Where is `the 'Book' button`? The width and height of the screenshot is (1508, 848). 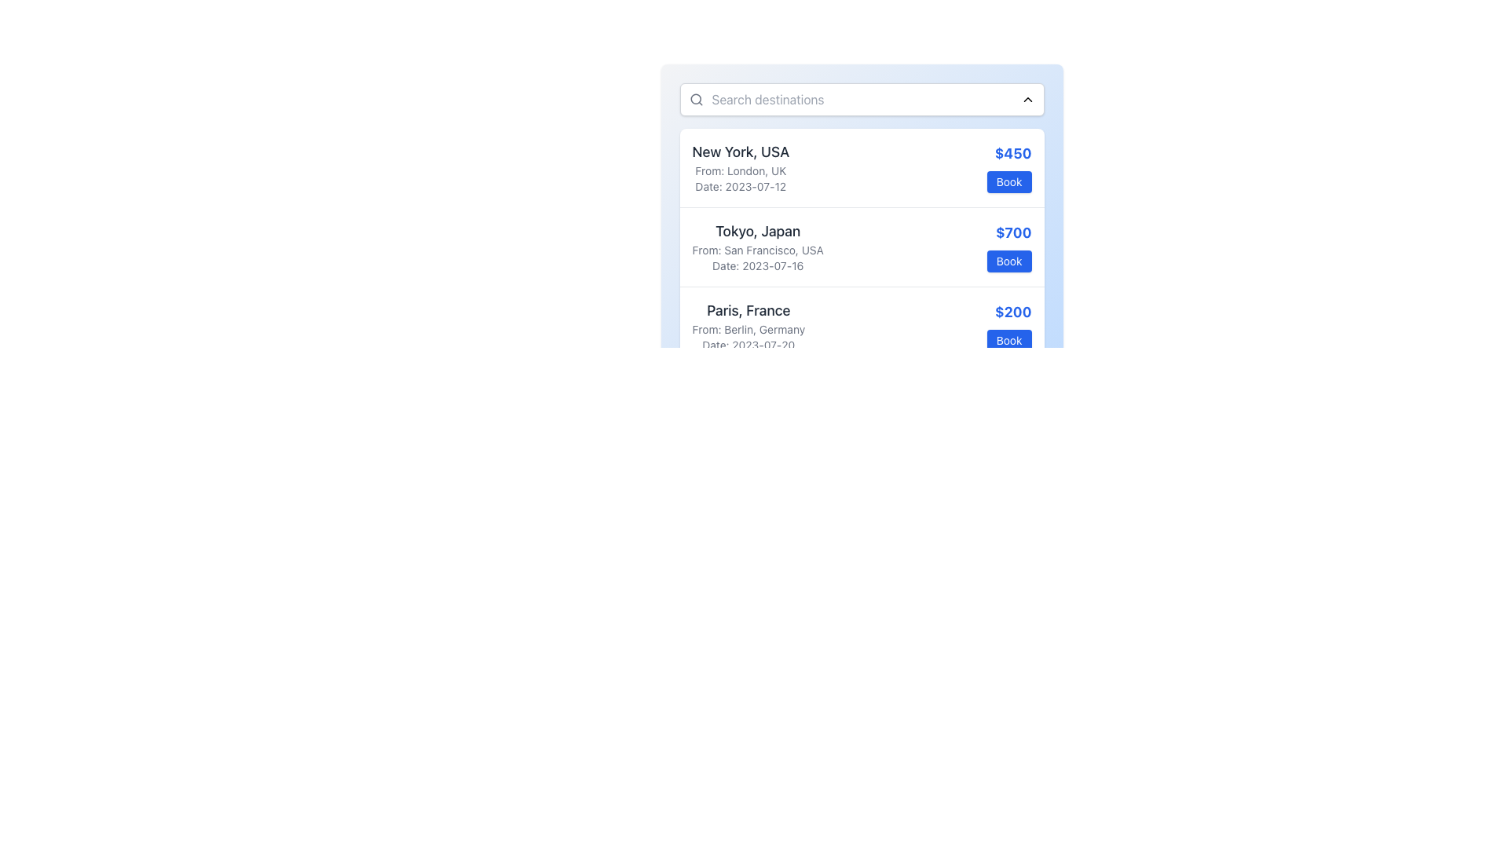 the 'Book' button is located at coordinates (1009, 181).